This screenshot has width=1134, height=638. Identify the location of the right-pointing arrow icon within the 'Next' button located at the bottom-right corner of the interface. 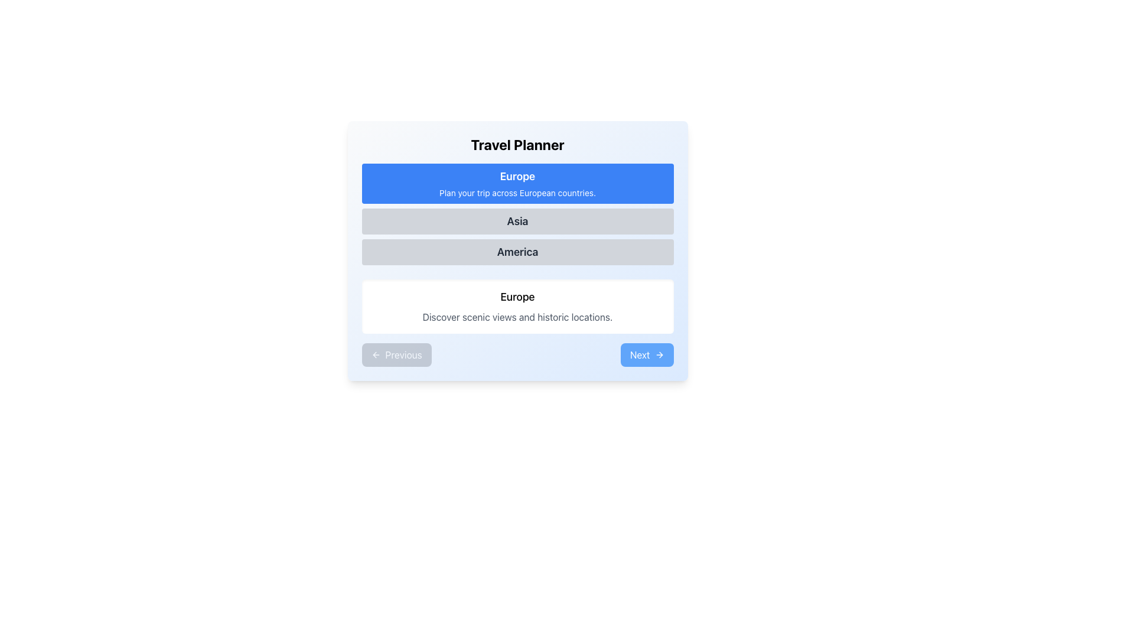
(659, 354).